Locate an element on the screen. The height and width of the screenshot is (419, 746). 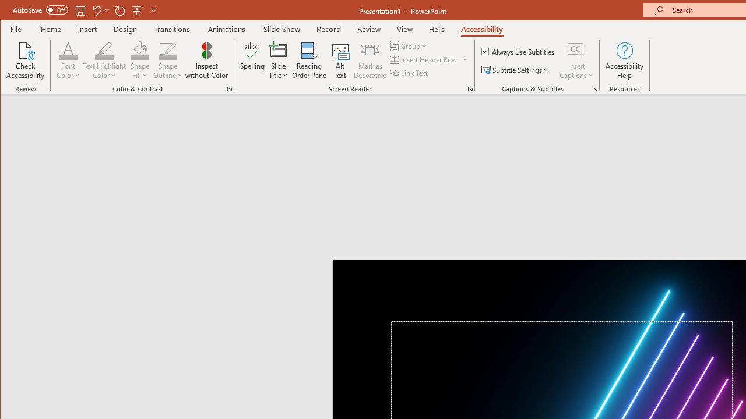
'Subtitle Settings' is located at coordinates (515, 70).